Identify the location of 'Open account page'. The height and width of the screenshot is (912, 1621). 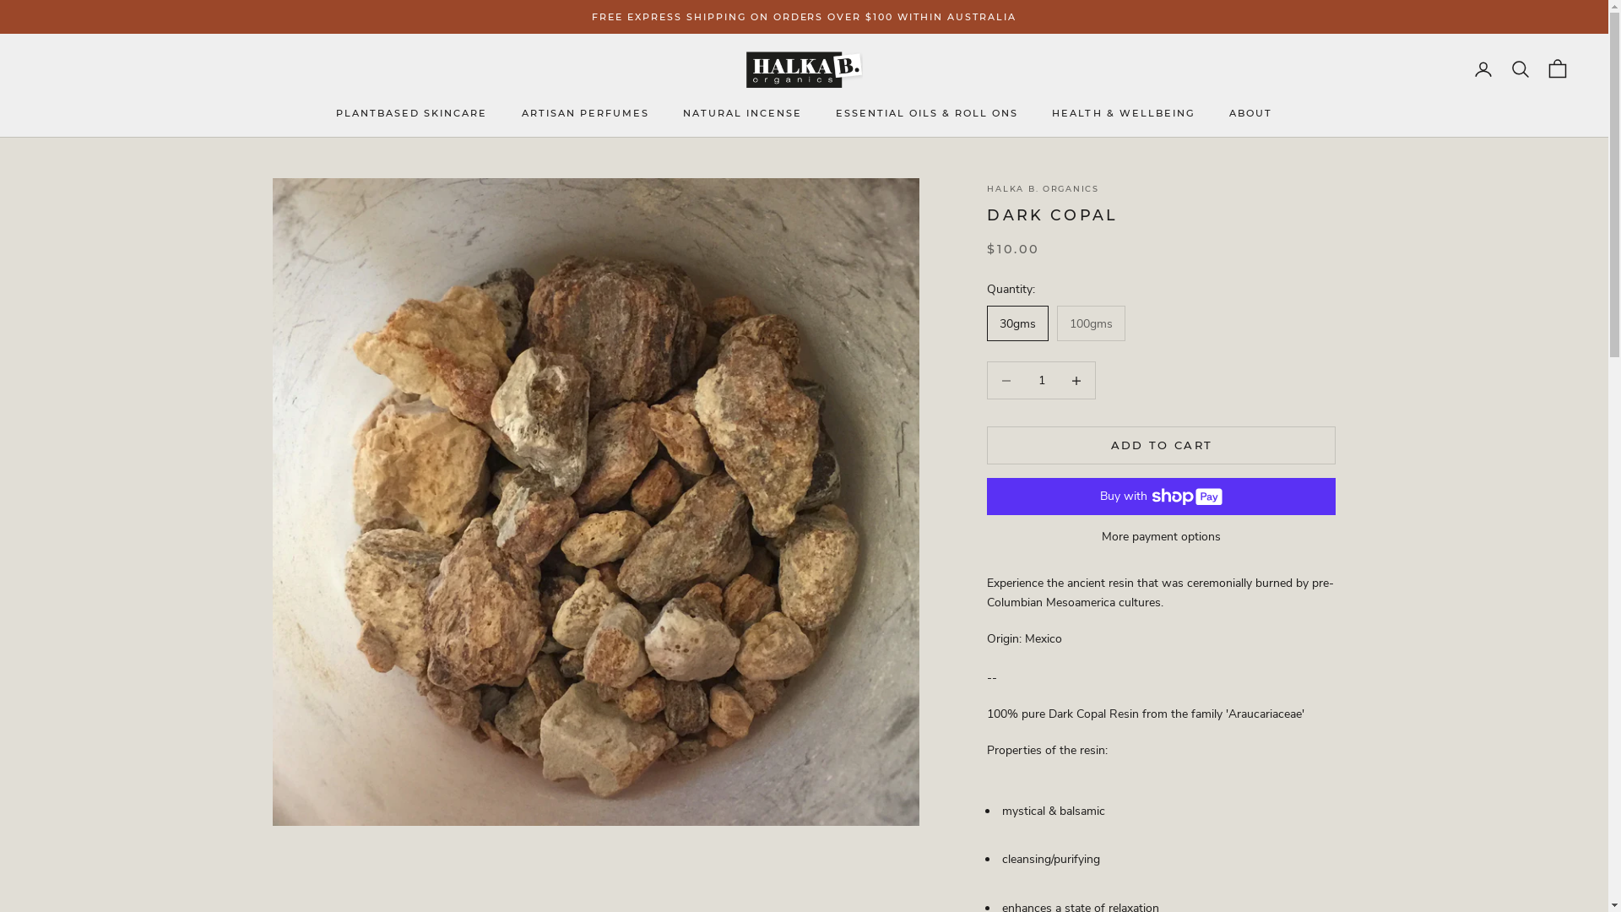
(1482, 68).